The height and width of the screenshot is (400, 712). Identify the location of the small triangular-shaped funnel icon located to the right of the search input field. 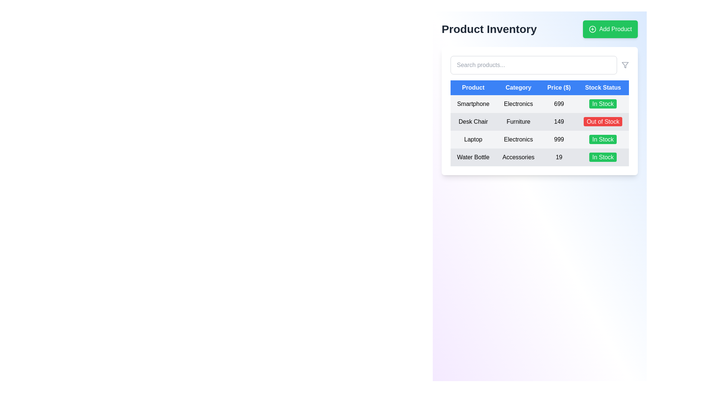
(624, 65).